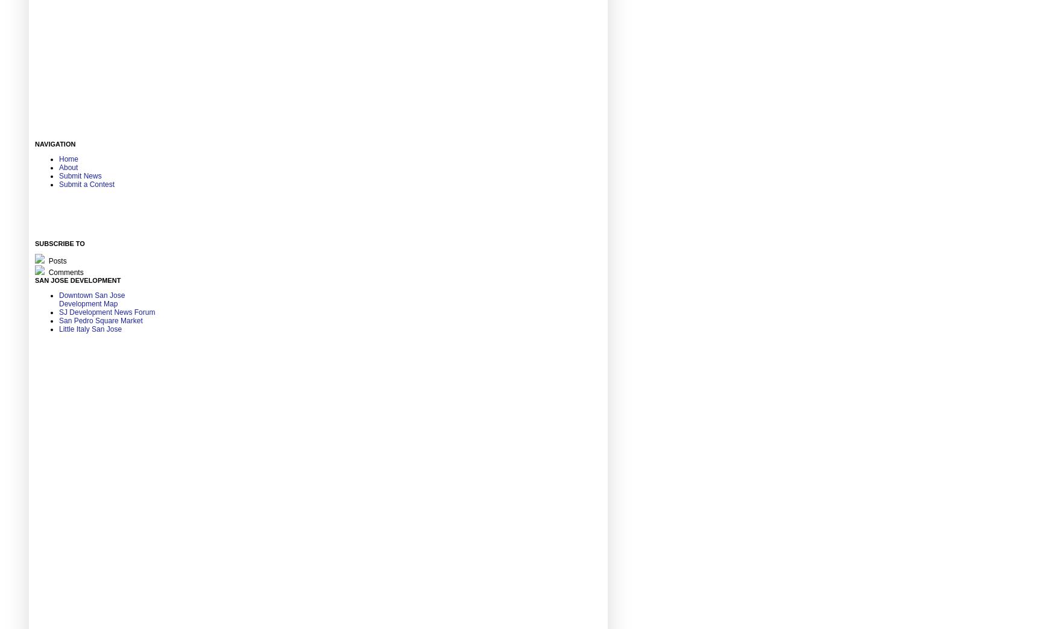  What do you see at coordinates (89, 328) in the screenshot?
I see `'Little Italy San Jose'` at bounding box center [89, 328].